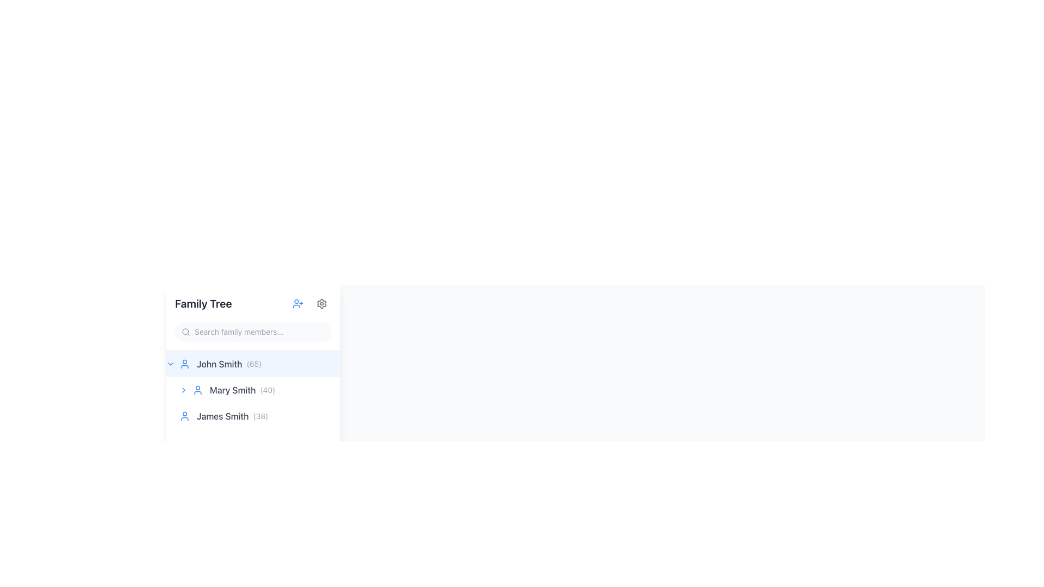  I want to click on the list item displaying the name 'Mary Smith', so click(252, 389).